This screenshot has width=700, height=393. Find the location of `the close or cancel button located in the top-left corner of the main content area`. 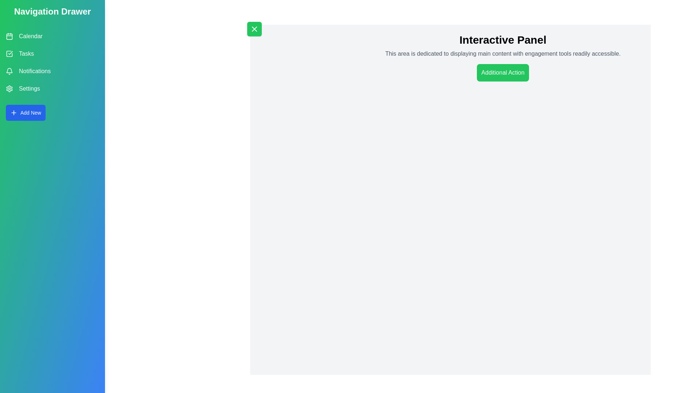

the close or cancel button located in the top-left corner of the main content area is located at coordinates (254, 29).